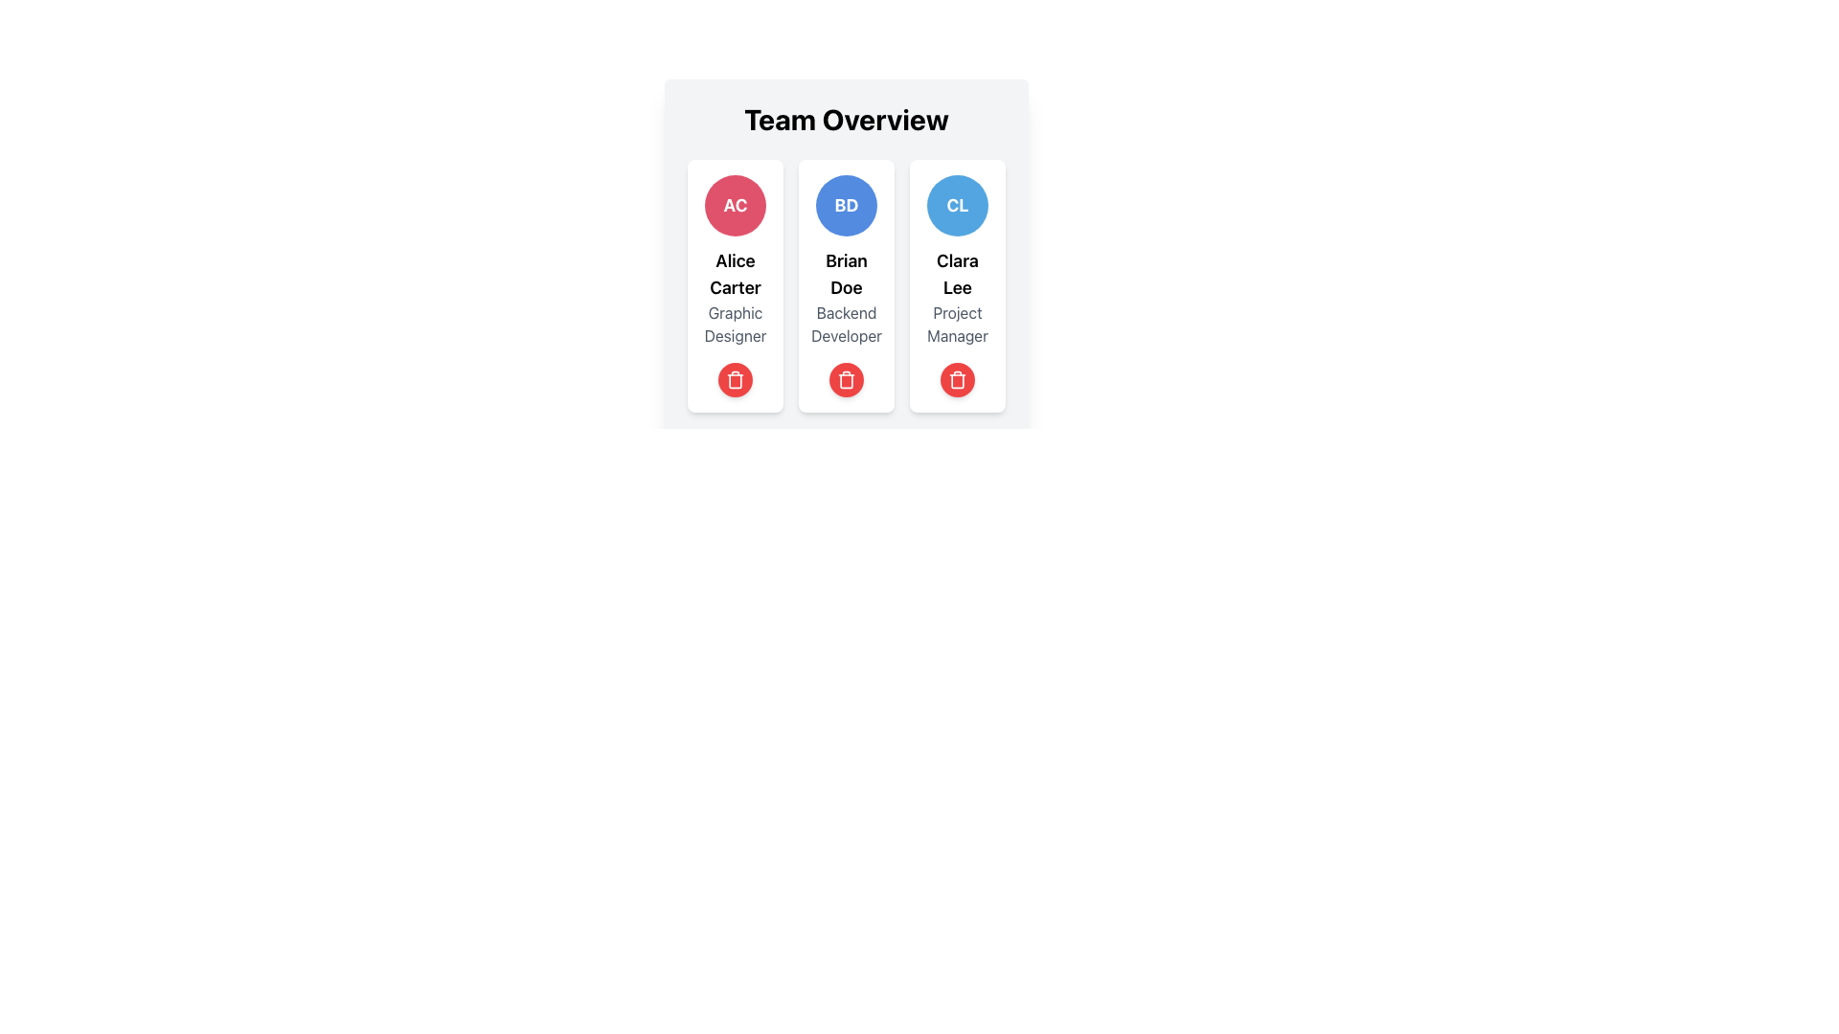 Image resolution: width=1839 pixels, height=1034 pixels. What do you see at coordinates (735, 274) in the screenshot?
I see `the text label displaying 'Alice Carter', which is centrally positioned beneath the avatar and above the role description in the team overview section` at bounding box center [735, 274].